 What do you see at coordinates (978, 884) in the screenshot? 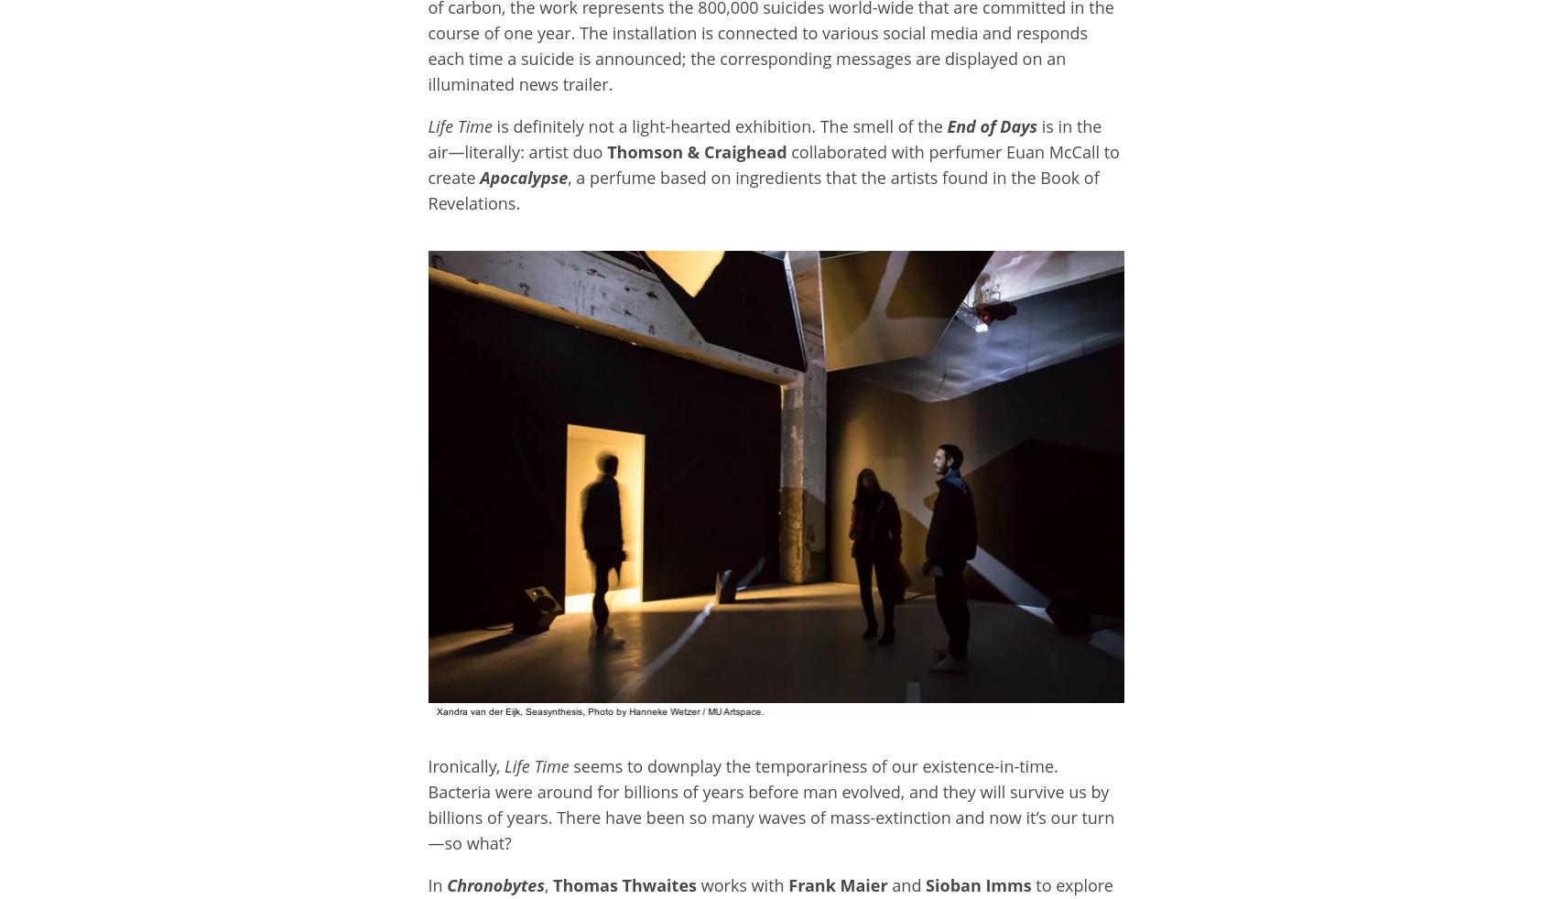
I see `'Sioban Imms'` at bounding box center [978, 884].